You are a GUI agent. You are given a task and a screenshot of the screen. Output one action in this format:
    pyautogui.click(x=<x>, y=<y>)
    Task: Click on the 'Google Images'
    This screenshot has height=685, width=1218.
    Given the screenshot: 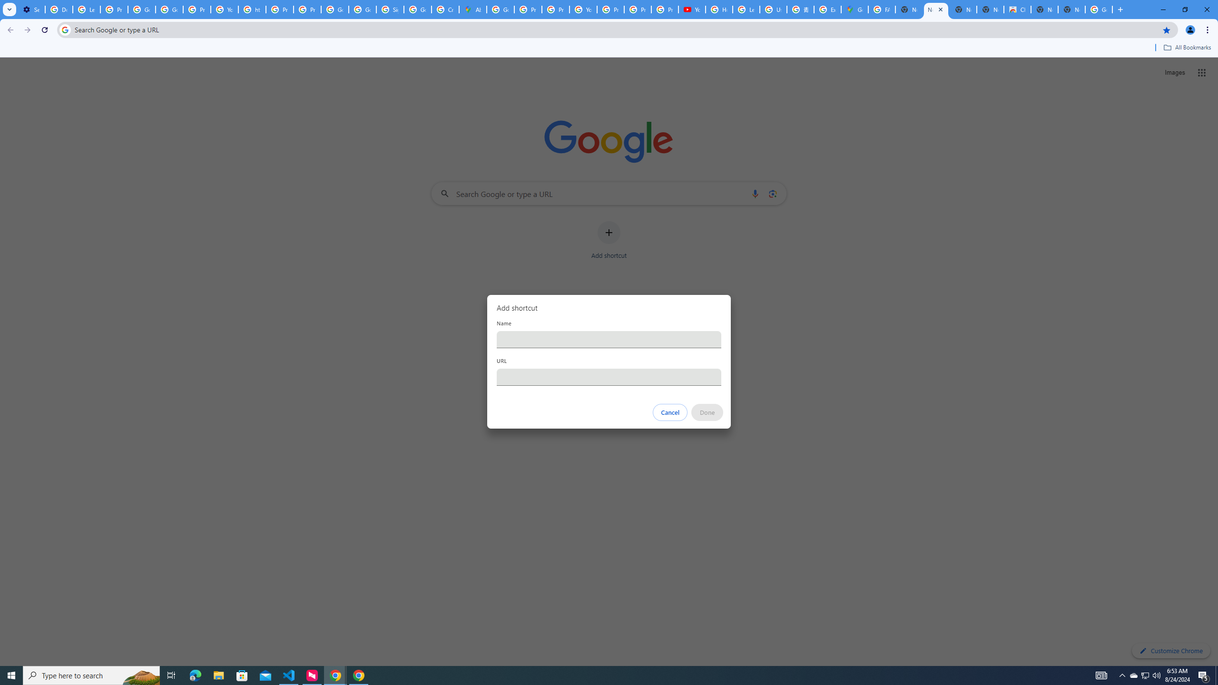 What is the action you would take?
    pyautogui.click(x=1099, y=9)
    